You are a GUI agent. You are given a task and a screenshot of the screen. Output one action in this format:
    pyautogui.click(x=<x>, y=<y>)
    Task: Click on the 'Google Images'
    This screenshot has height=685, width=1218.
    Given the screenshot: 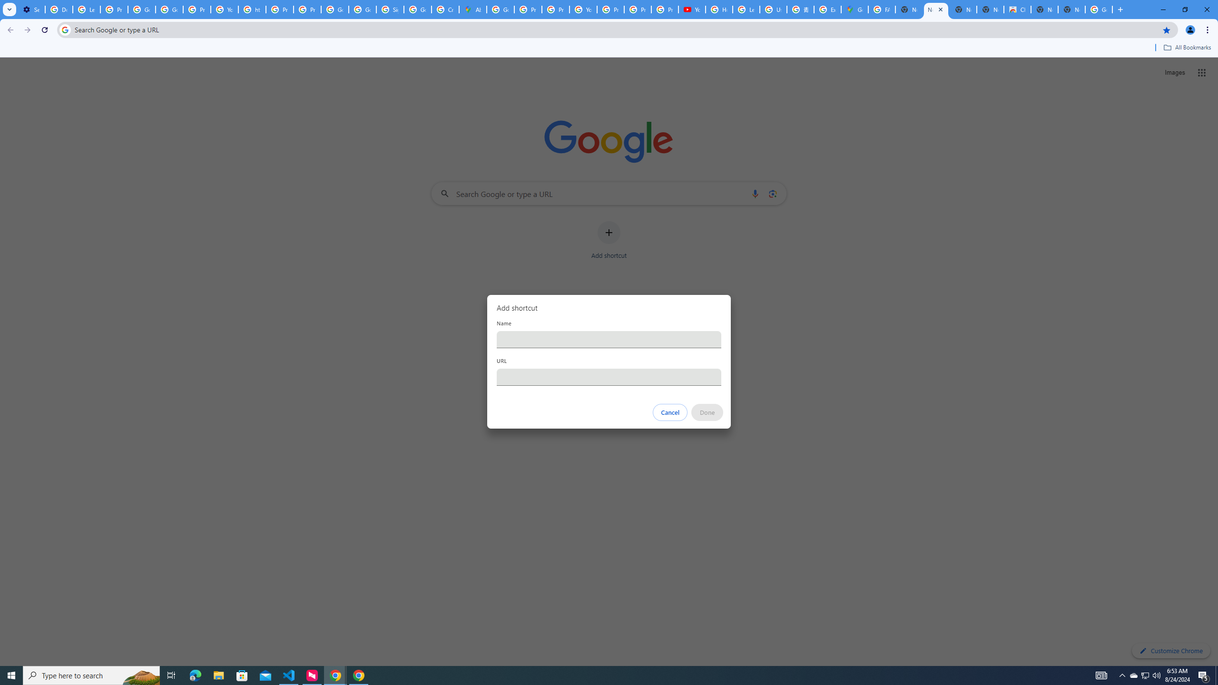 What is the action you would take?
    pyautogui.click(x=1099, y=9)
    